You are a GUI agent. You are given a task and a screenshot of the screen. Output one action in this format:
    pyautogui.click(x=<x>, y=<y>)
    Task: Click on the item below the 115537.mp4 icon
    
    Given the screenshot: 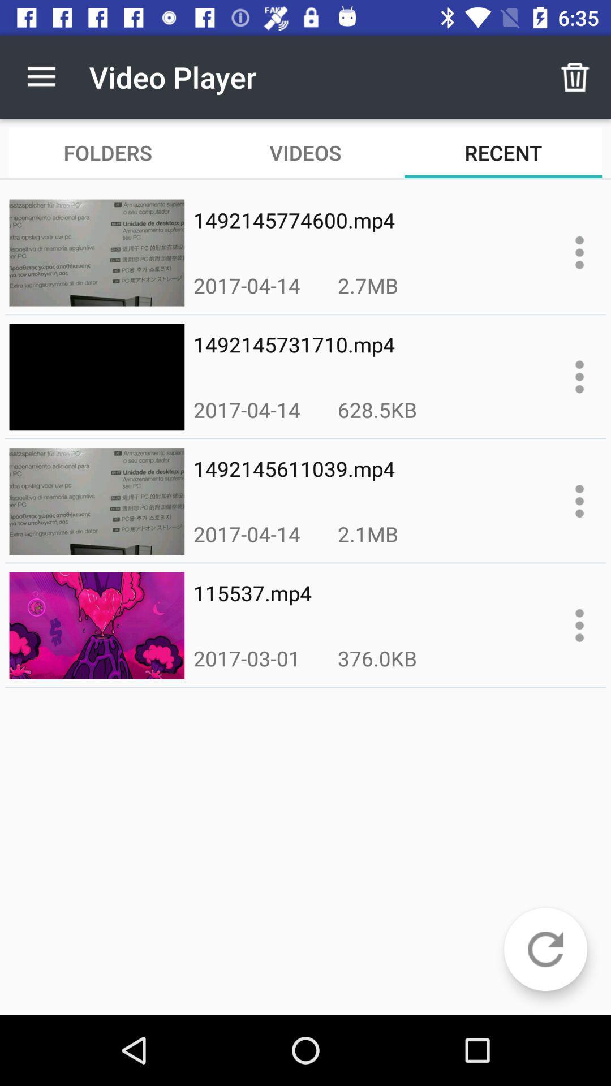 What is the action you would take?
    pyautogui.click(x=246, y=658)
    